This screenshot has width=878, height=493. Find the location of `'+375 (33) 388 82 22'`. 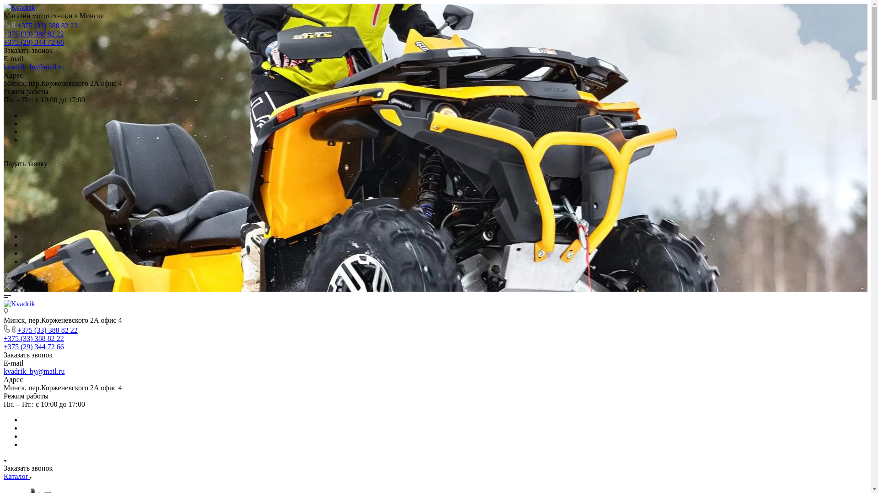

'+375 (33) 388 82 22' is located at coordinates (33, 338).